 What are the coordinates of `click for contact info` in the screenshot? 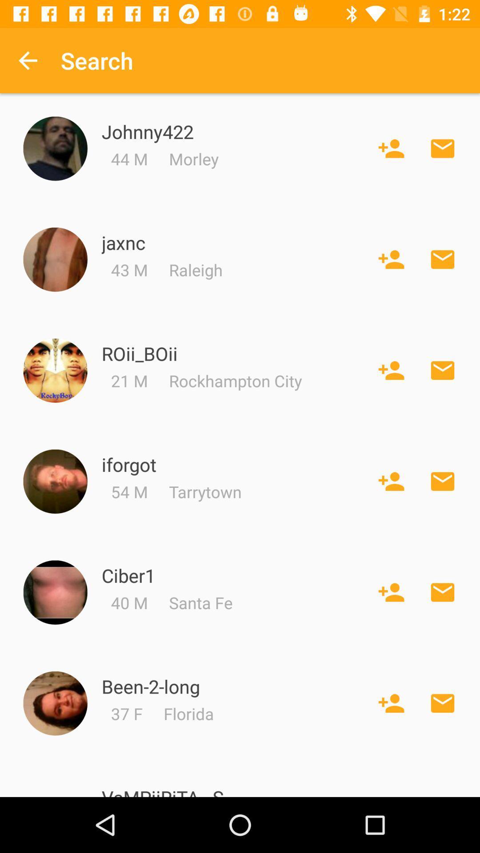 It's located at (55, 481).